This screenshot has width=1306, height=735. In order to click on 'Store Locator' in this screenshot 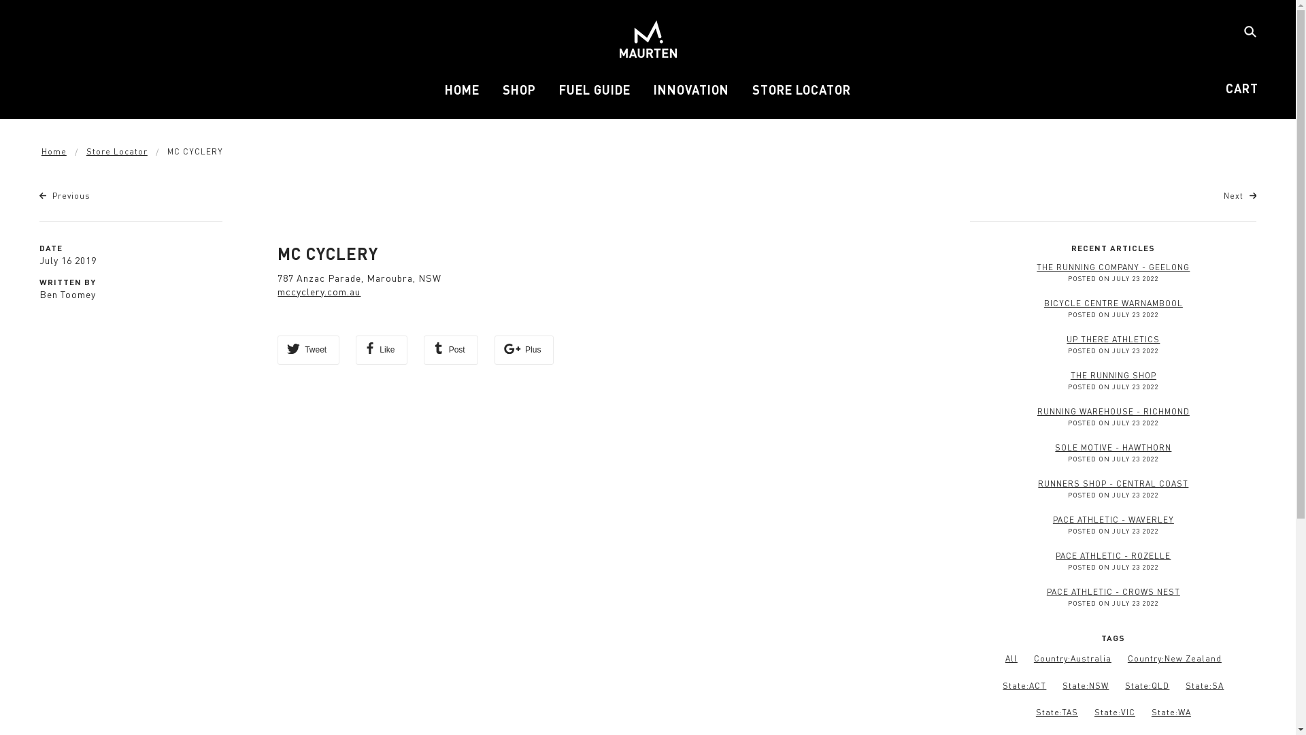, I will do `click(85, 151)`.